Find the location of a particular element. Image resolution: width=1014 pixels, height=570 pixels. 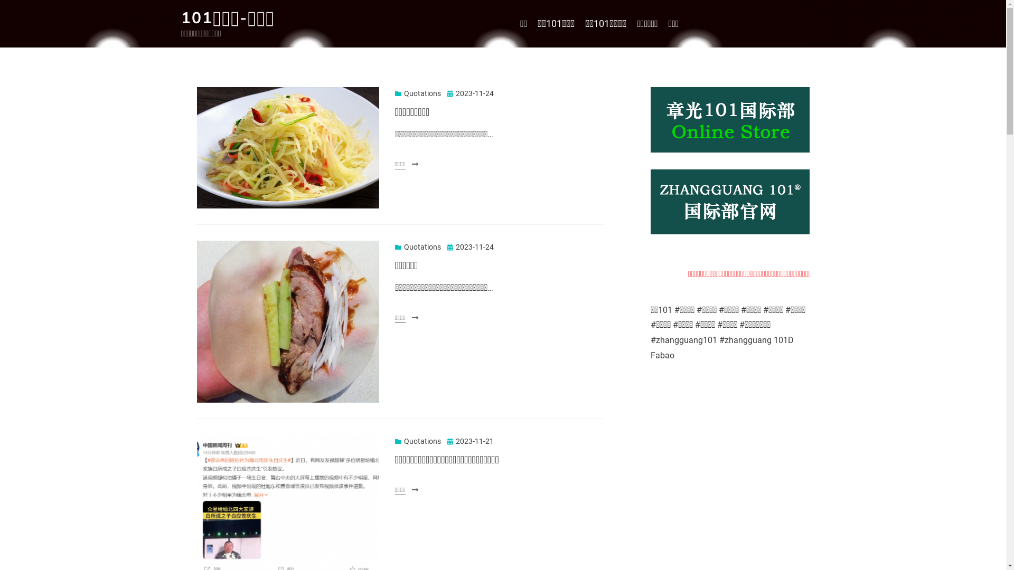

'2023-11-21' is located at coordinates (469, 441).